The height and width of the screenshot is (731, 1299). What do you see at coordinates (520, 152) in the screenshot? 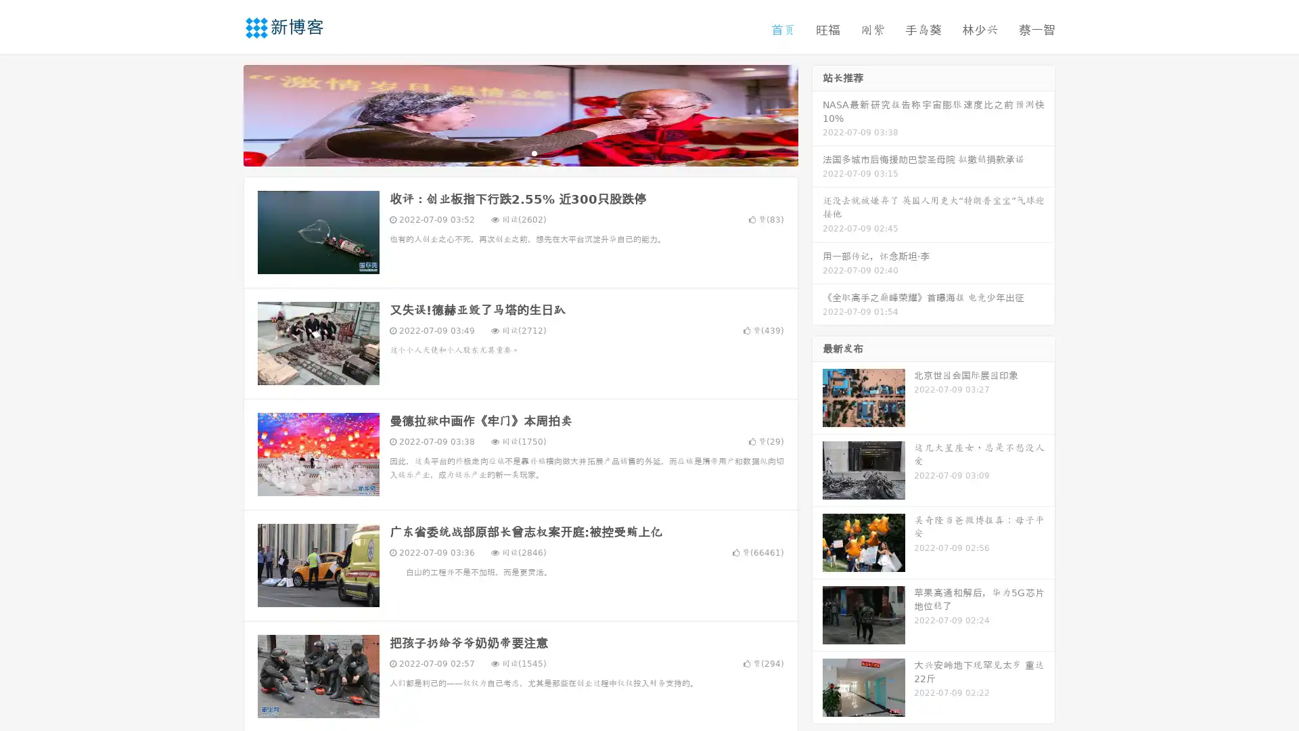
I see `Go to slide 2` at bounding box center [520, 152].